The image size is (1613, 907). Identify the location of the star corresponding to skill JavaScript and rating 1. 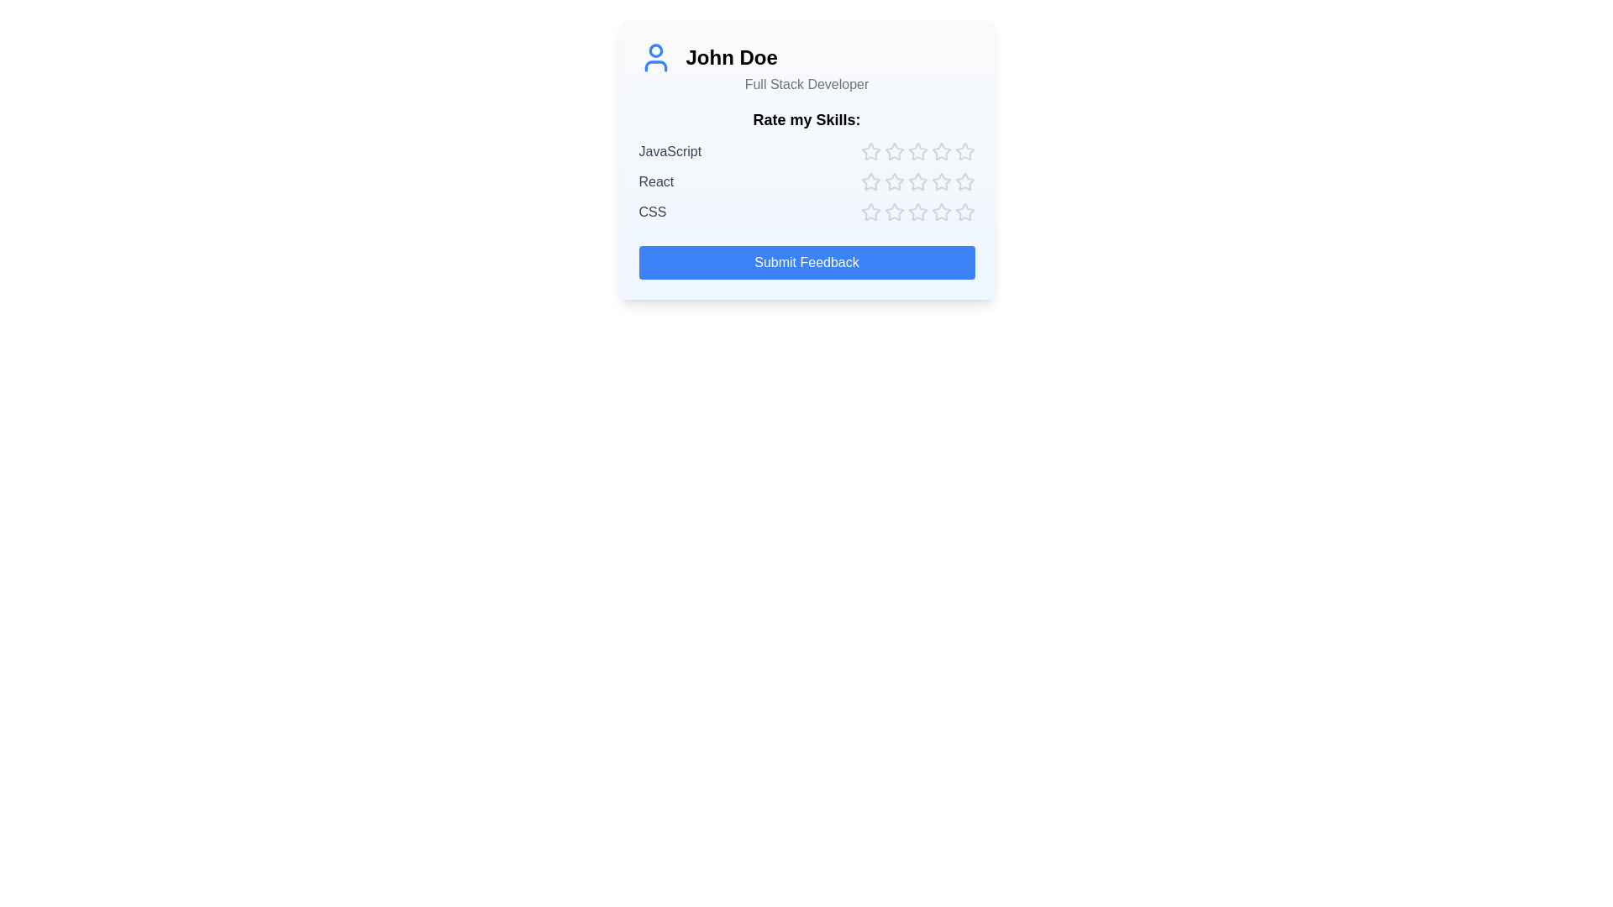
(870, 152).